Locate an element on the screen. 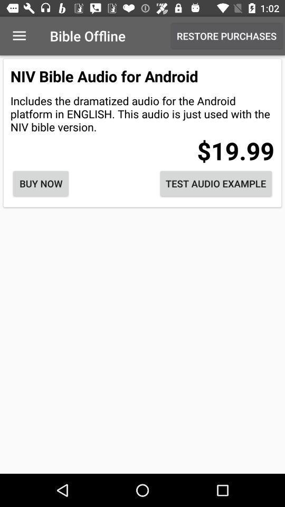 This screenshot has height=507, width=285. the icon below $19.99 is located at coordinates (215, 183).